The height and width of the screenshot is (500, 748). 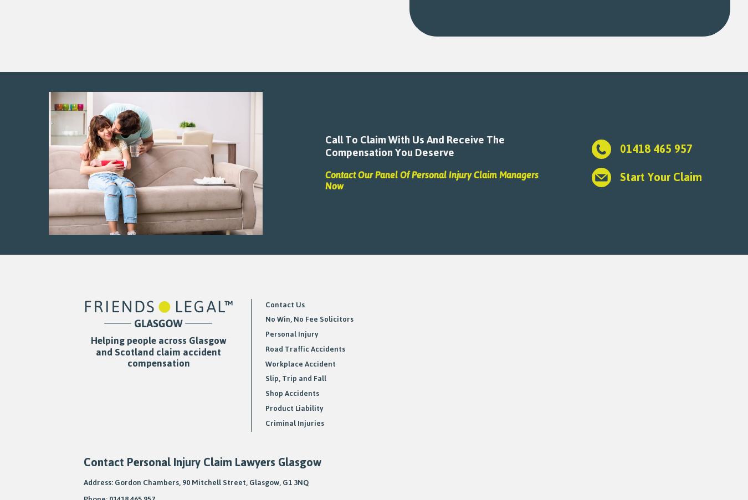 I want to click on 'Gordon Chambers, 90 Mitchell Street', so click(x=180, y=482).